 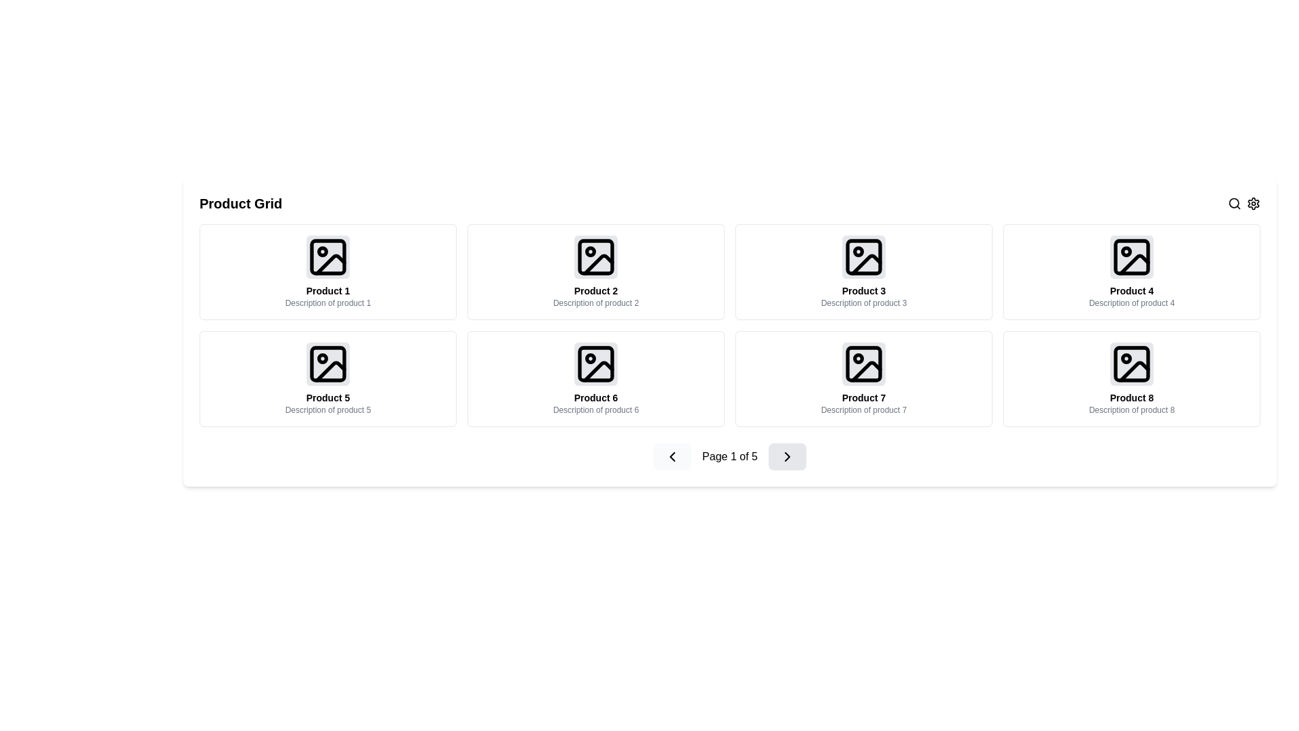 I want to click on the landscape icon located in the center of the product card labeled 'Product 6' with a subtitle 'Description of product 6', so click(x=595, y=363).